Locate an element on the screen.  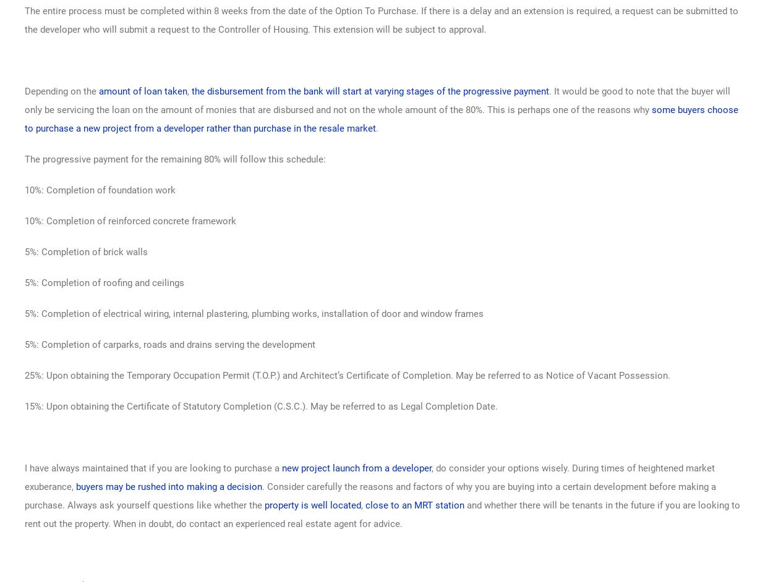
'Depending on the' is located at coordinates (61, 90).